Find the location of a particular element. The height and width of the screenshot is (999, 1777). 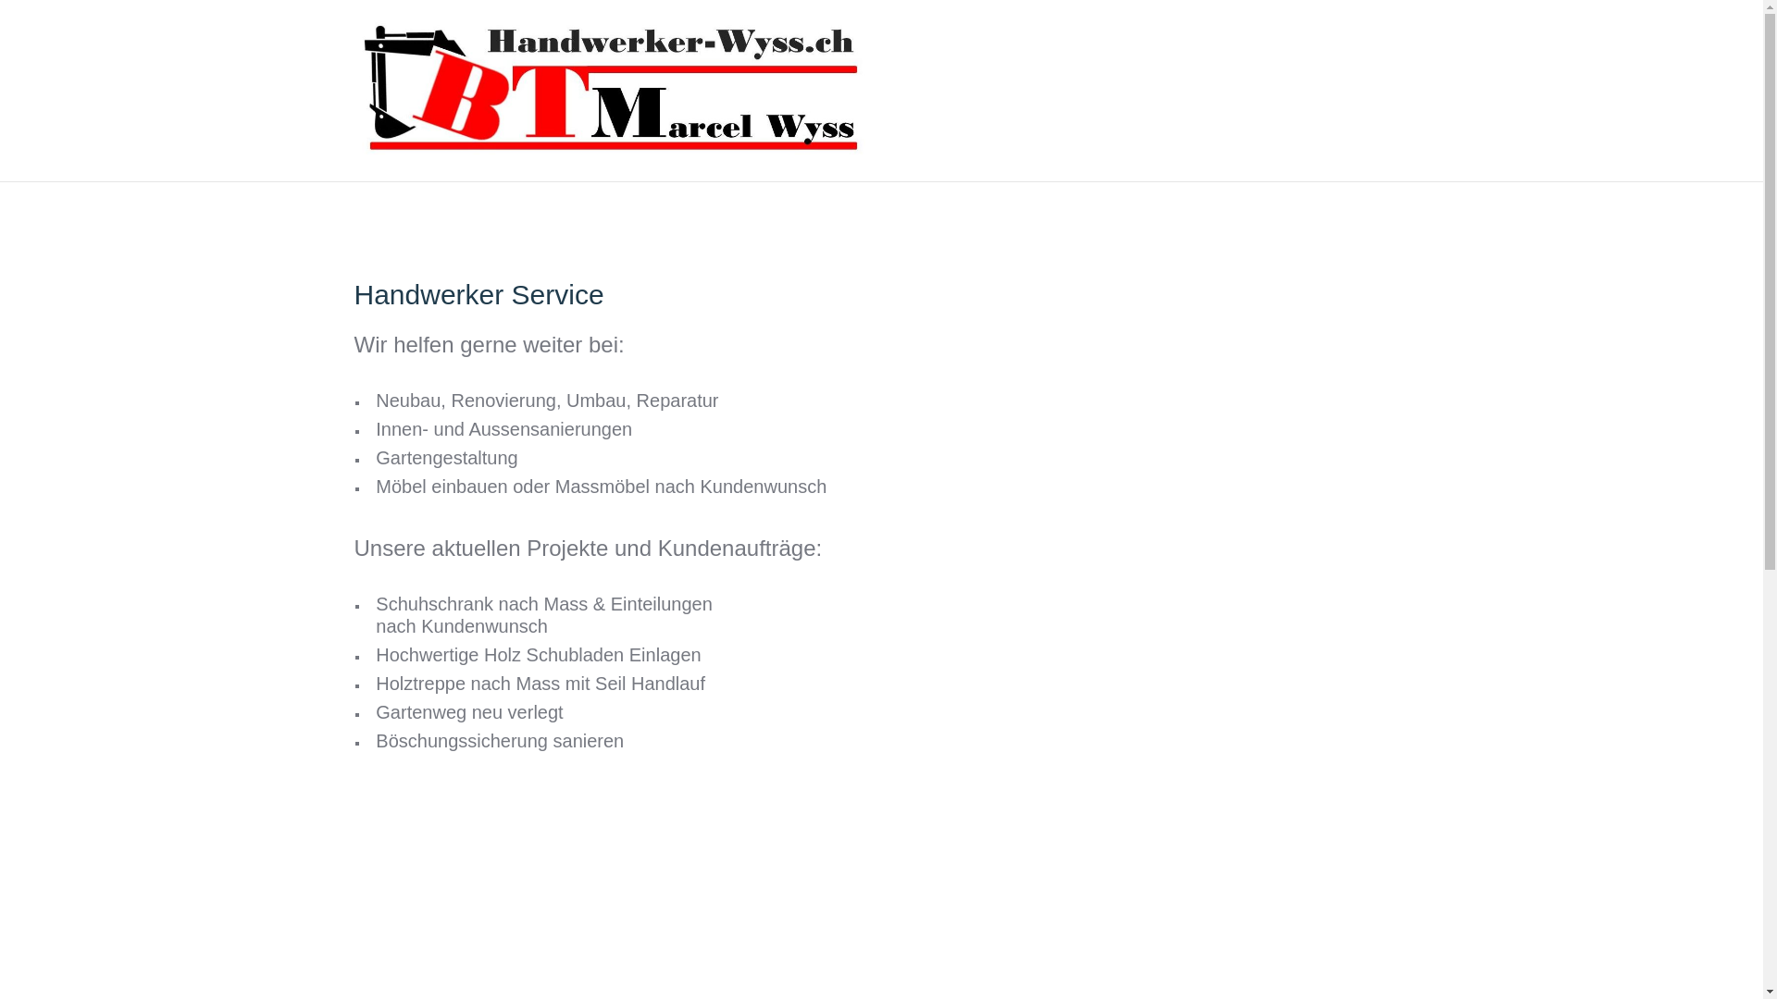

'BauTransManagement GmbH' is located at coordinates (613, 89).